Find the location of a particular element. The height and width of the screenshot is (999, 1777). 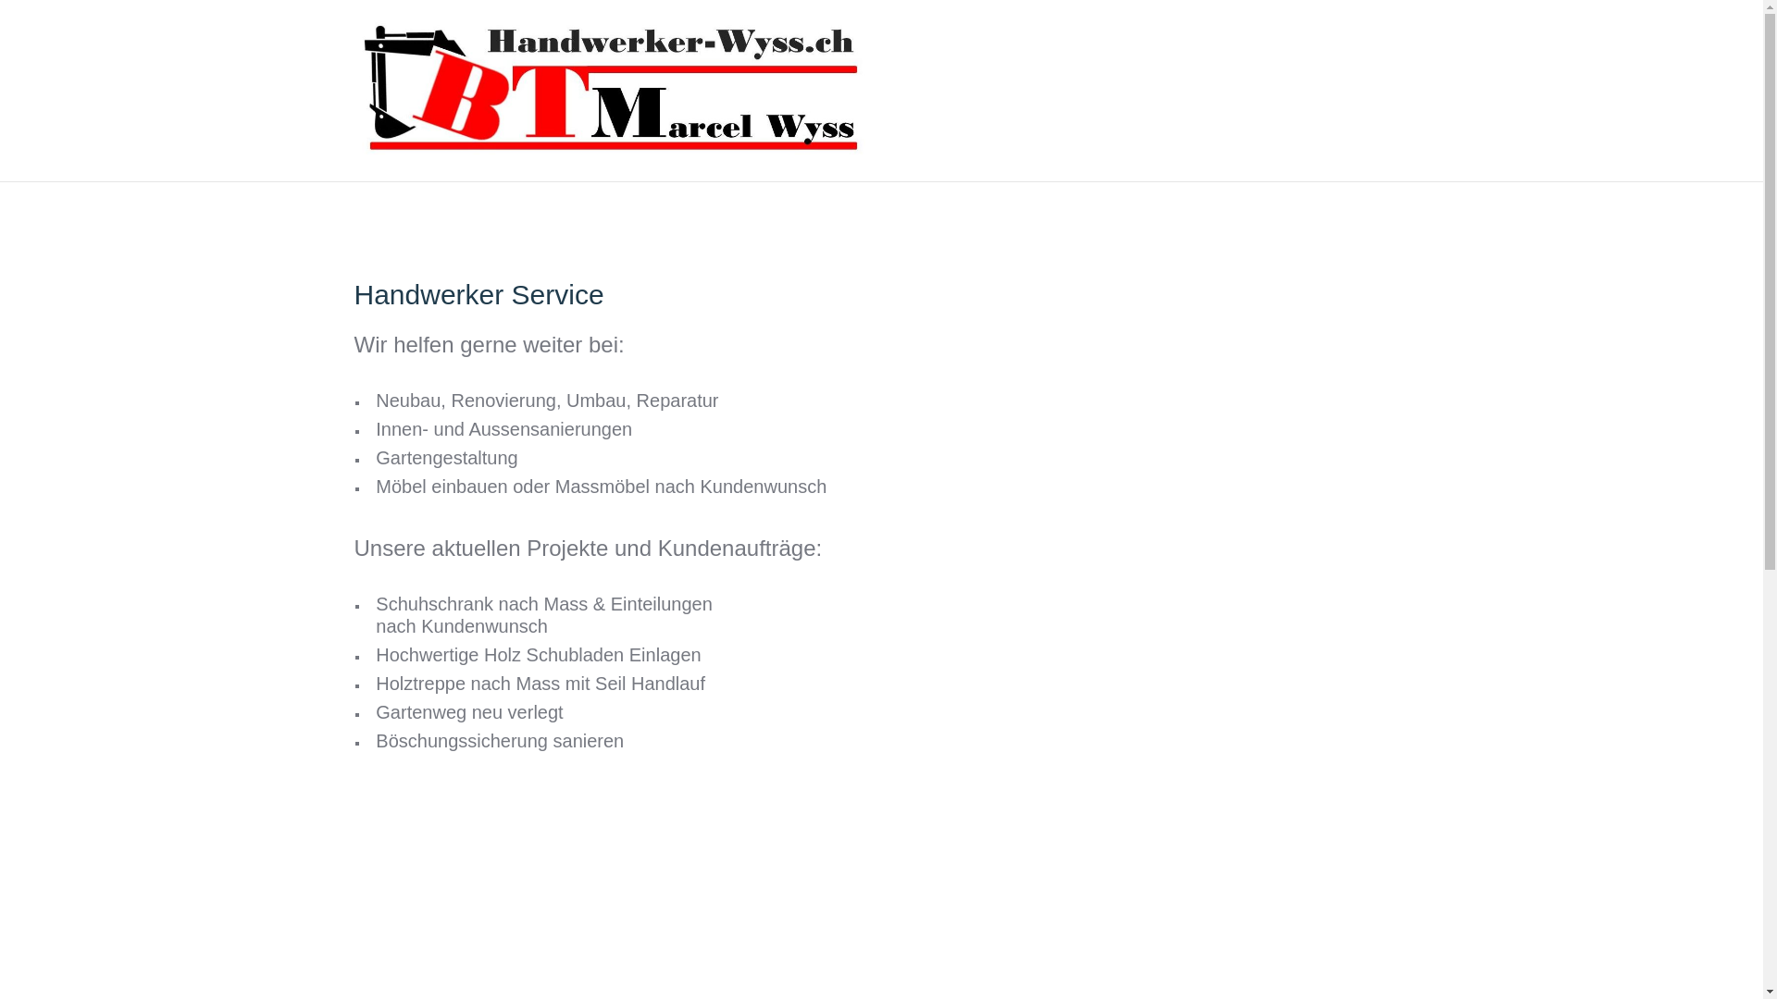

'BauTransManagement GmbH' is located at coordinates (613, 89).